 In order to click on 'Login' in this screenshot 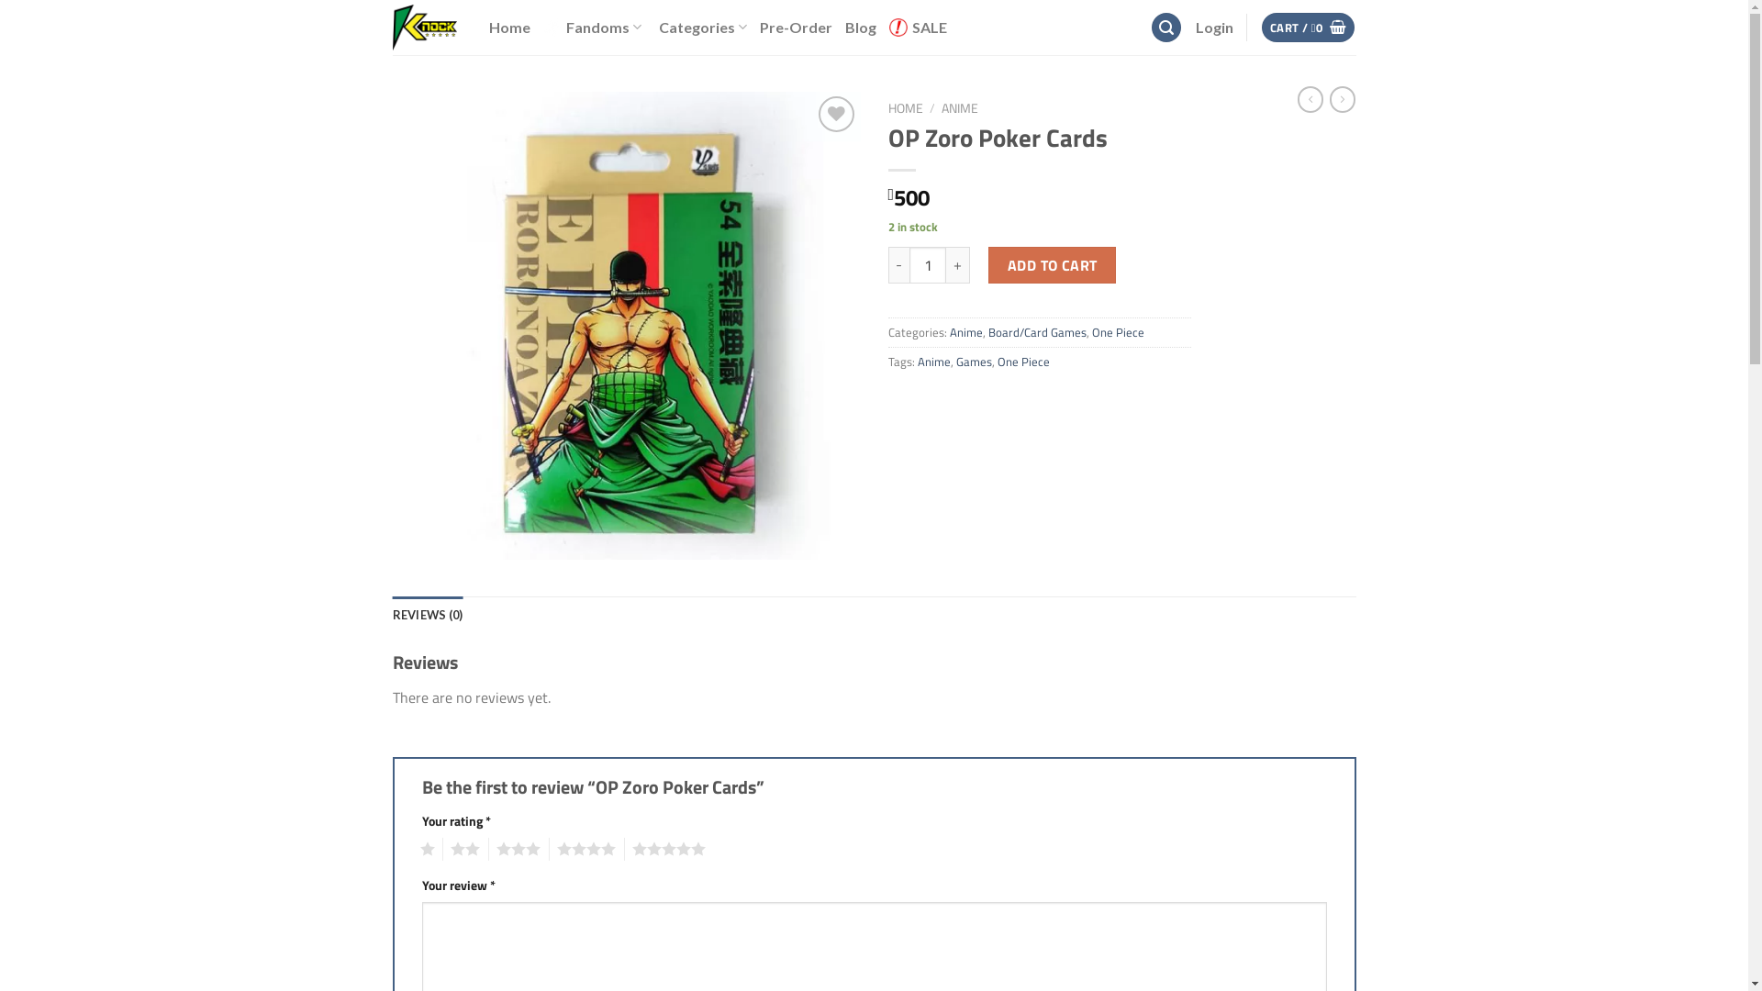, I will do `click(1213, 28)`.